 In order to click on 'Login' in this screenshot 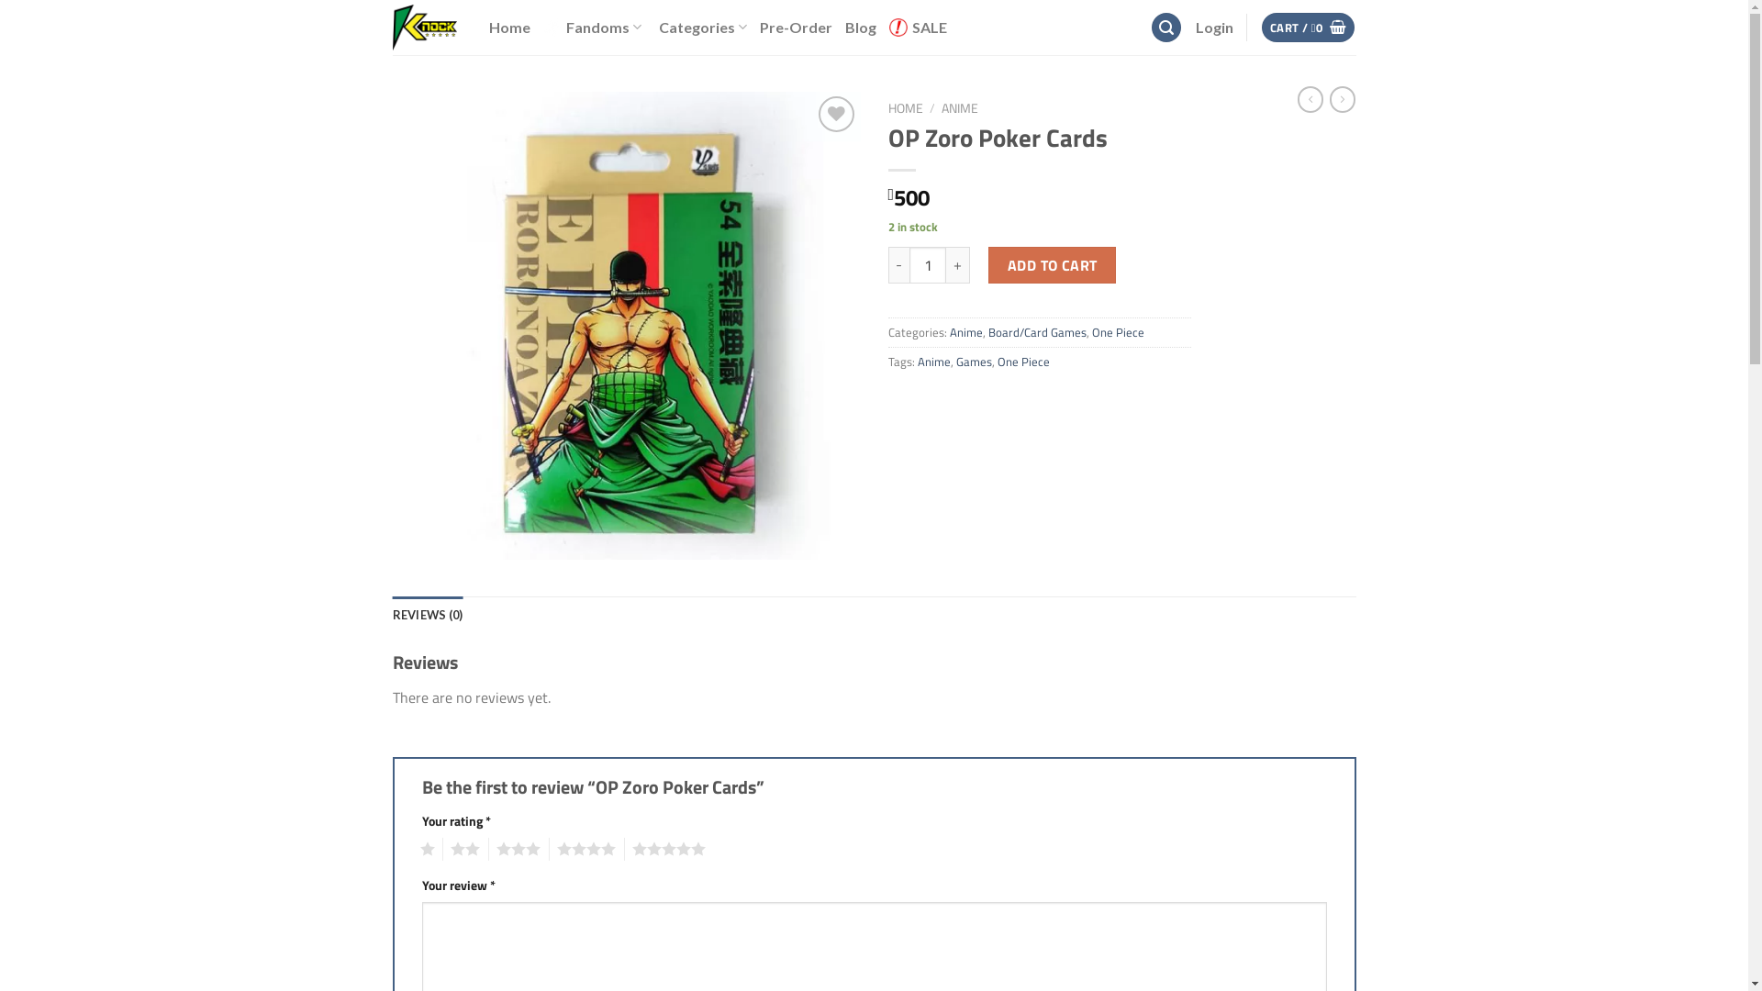, I will do `click(1213, 28)`.